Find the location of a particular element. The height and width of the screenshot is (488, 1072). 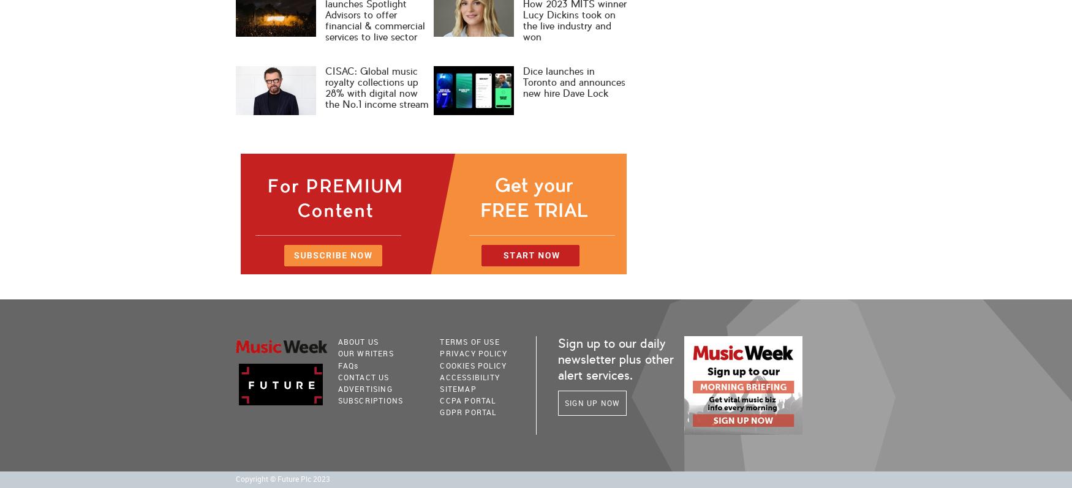

'Privacy Manager' is located at coordinates (467, 422).